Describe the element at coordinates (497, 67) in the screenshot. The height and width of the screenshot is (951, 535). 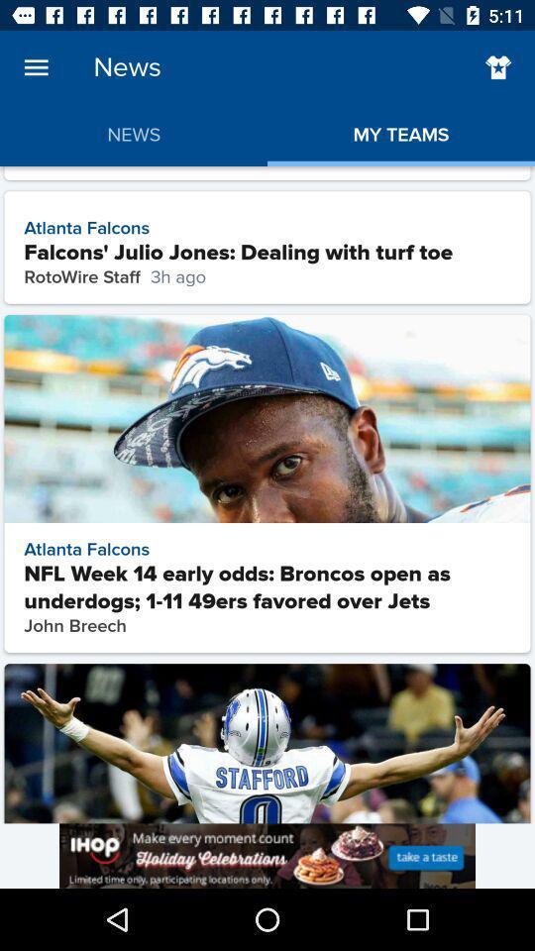
I see `to favorite` at that location.